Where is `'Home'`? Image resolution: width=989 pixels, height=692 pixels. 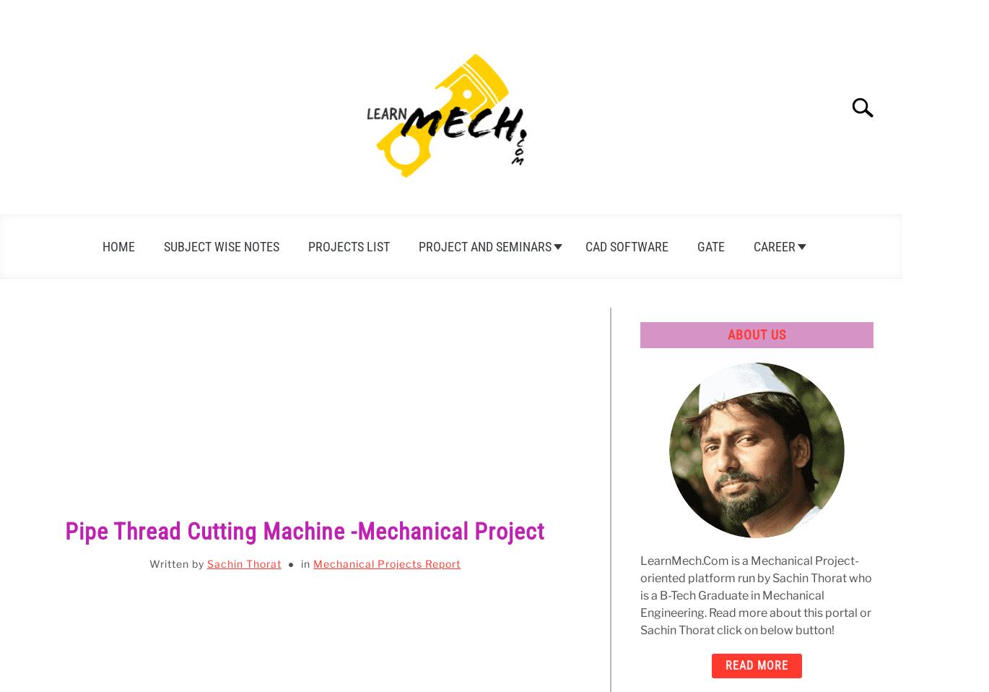
'Home' is located at coordinates (118, 246).